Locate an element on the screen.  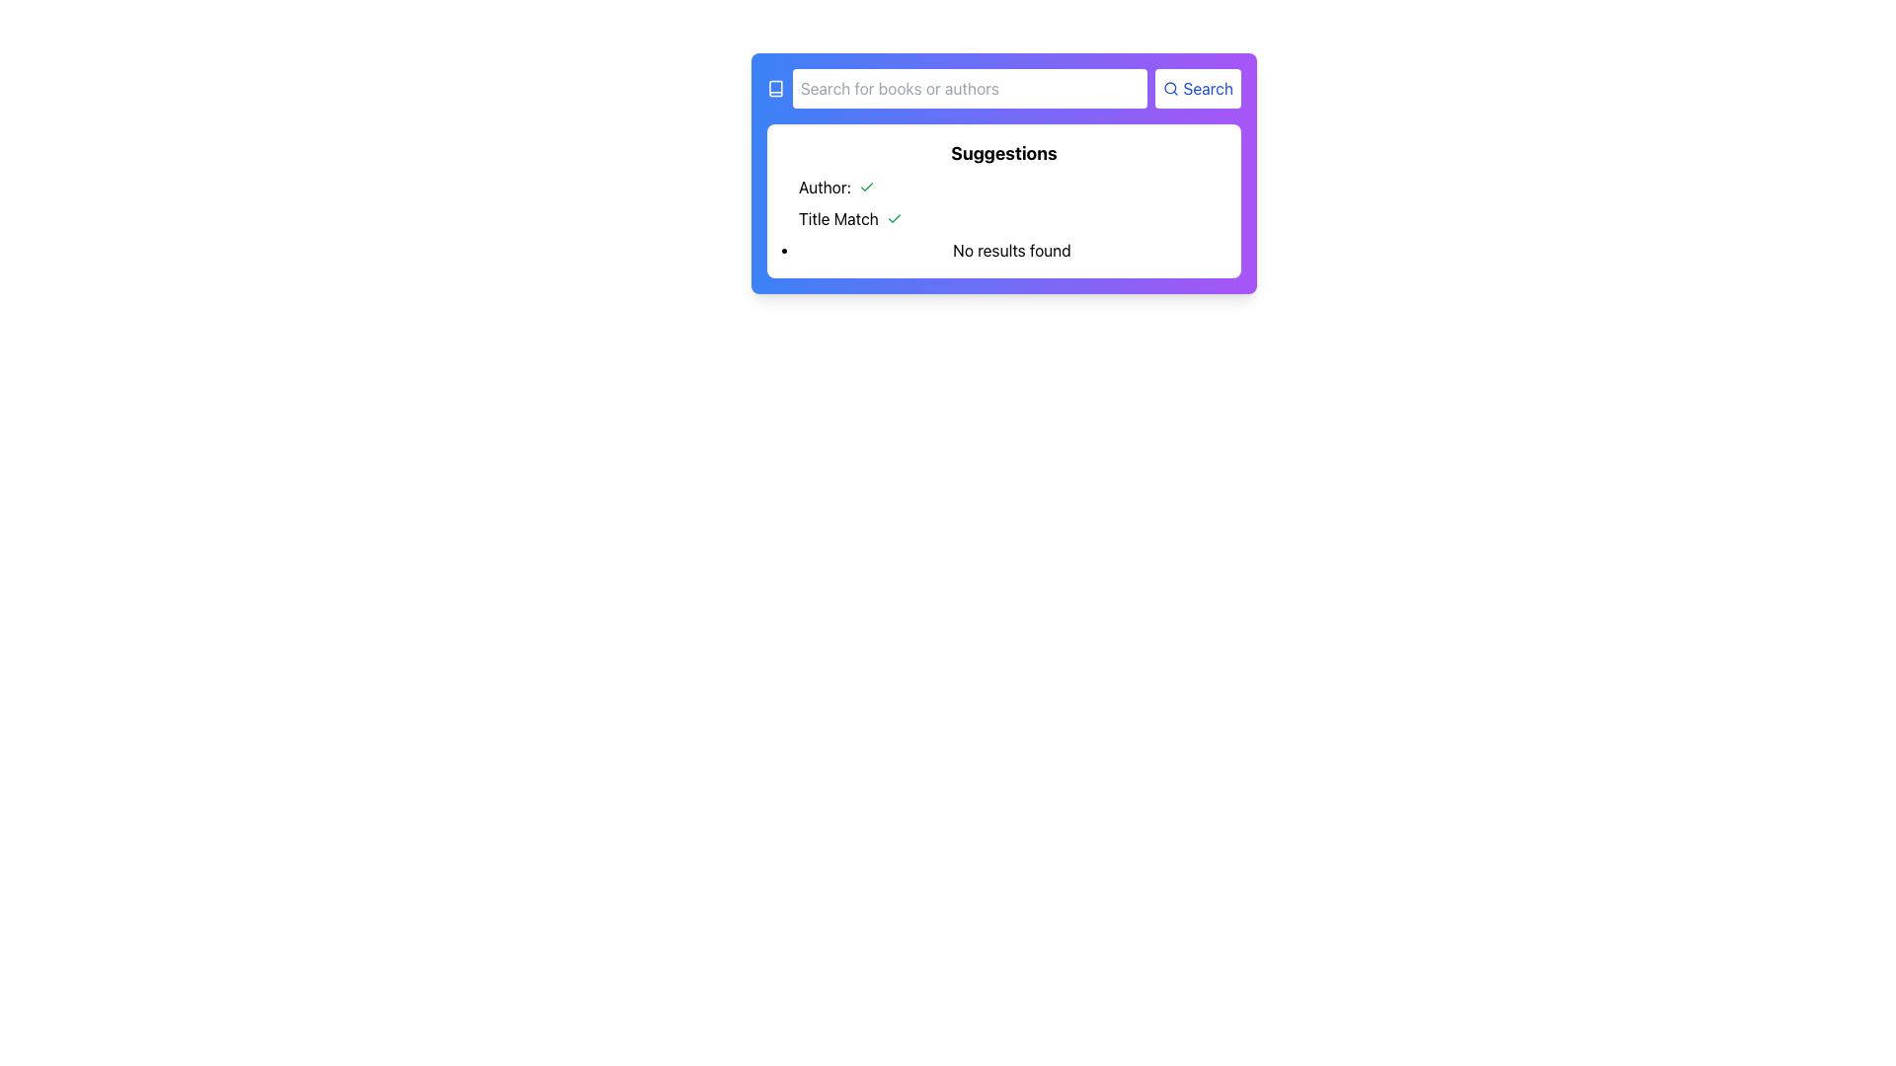
the search icon located inside the 'Search' button, positioned to the left of the text label 'Search' is located at coordinates (1171, 87).